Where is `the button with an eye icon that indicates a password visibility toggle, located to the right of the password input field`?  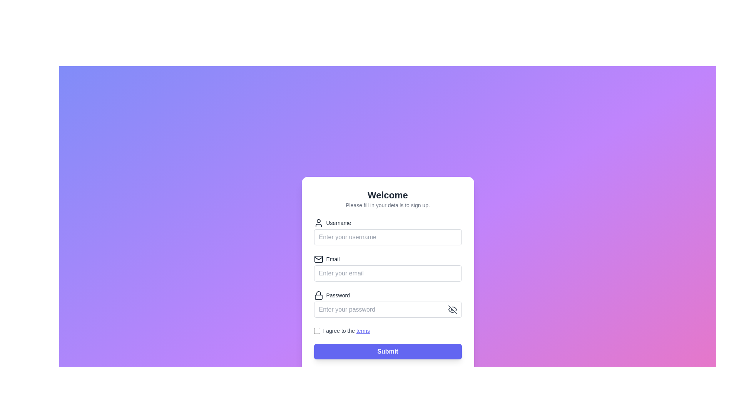 the button with an eye icon that indicates a password visibility toggle, located to the right of the password input field is located at coordinates (452, 309).